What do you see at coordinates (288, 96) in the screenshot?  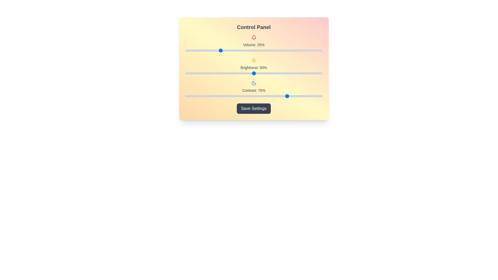 I see `contrast level` at bounding box center [288, 96].